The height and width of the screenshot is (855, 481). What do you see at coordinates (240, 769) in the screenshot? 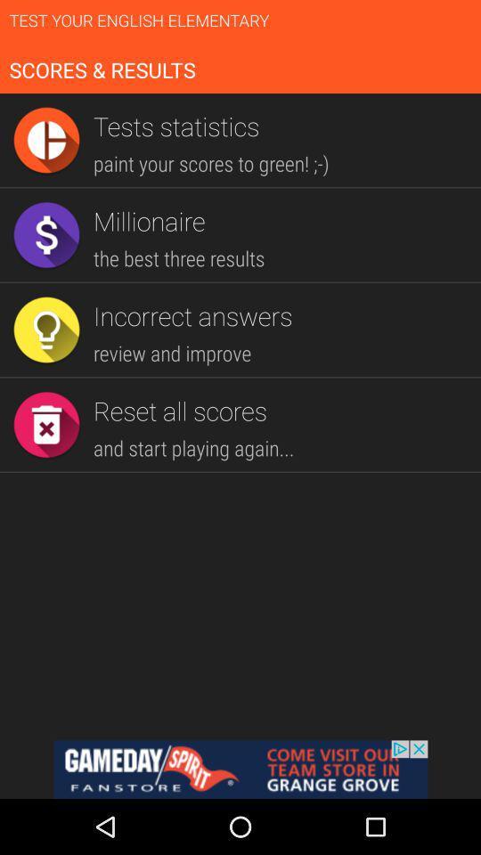
I see `visit team store` at bounding box center [240, 769].